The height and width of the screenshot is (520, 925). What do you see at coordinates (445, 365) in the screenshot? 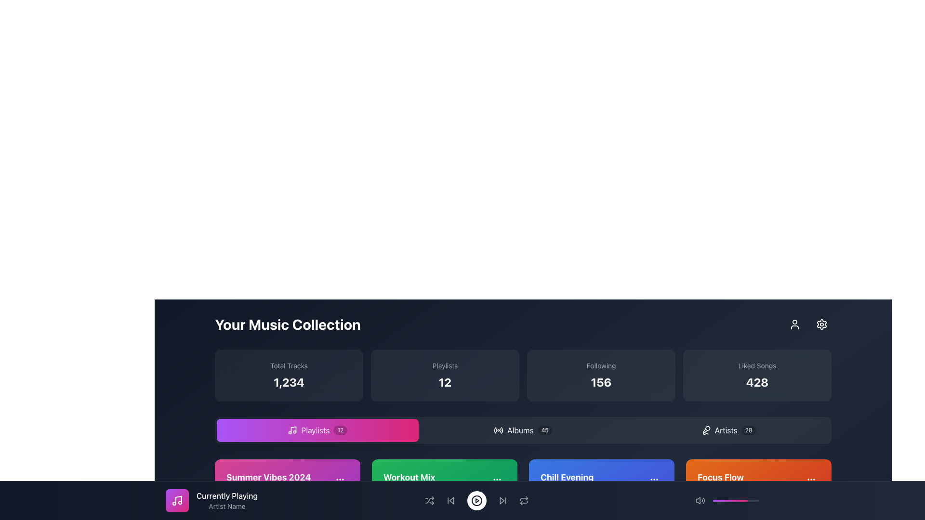
I see `the 'Playlists' text label, which is styled in light gray and located in the second card of a horizontal layout, above the count of playlists` at bounding box center [445, 365].